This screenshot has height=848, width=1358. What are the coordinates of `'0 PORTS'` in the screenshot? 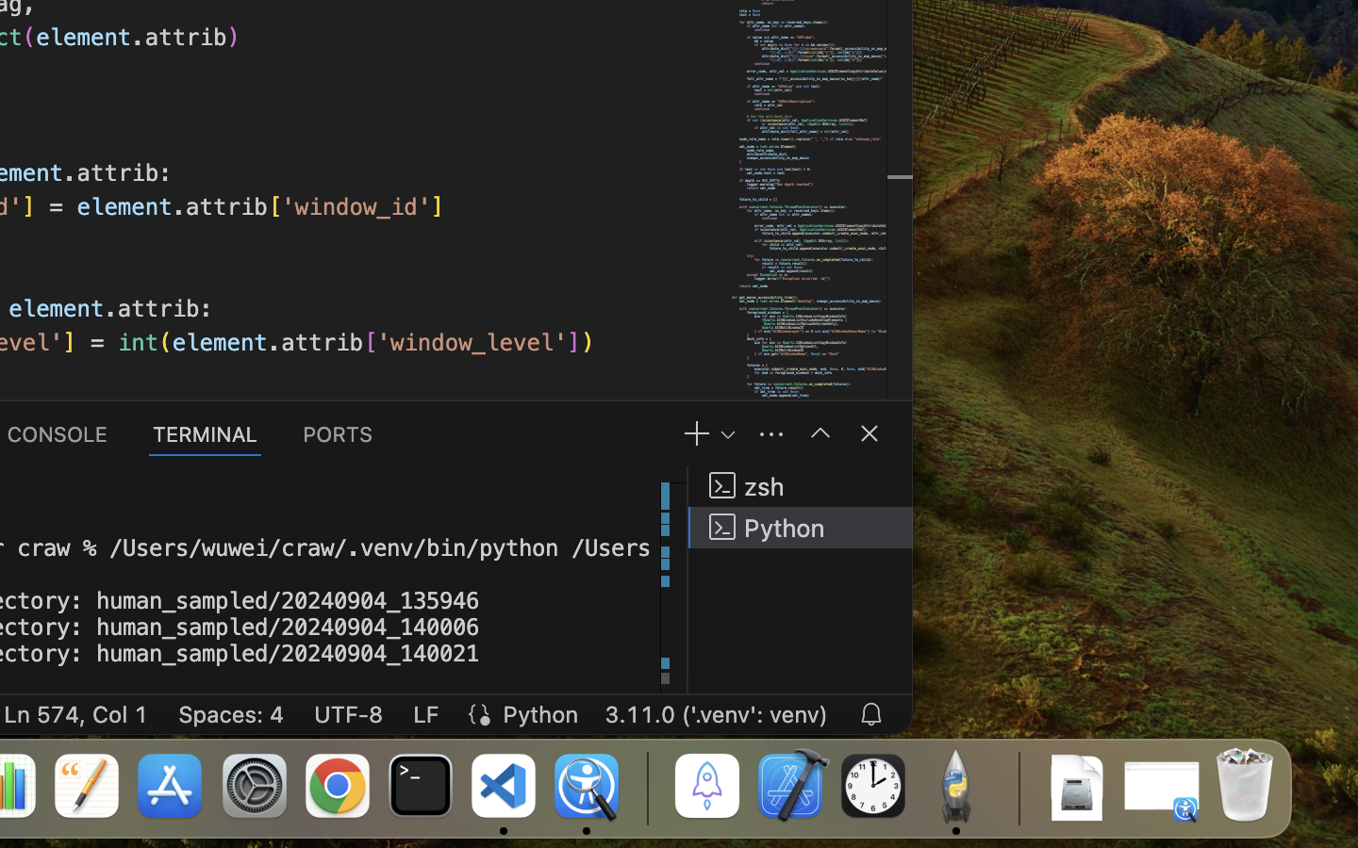 It's located at (338, 432).